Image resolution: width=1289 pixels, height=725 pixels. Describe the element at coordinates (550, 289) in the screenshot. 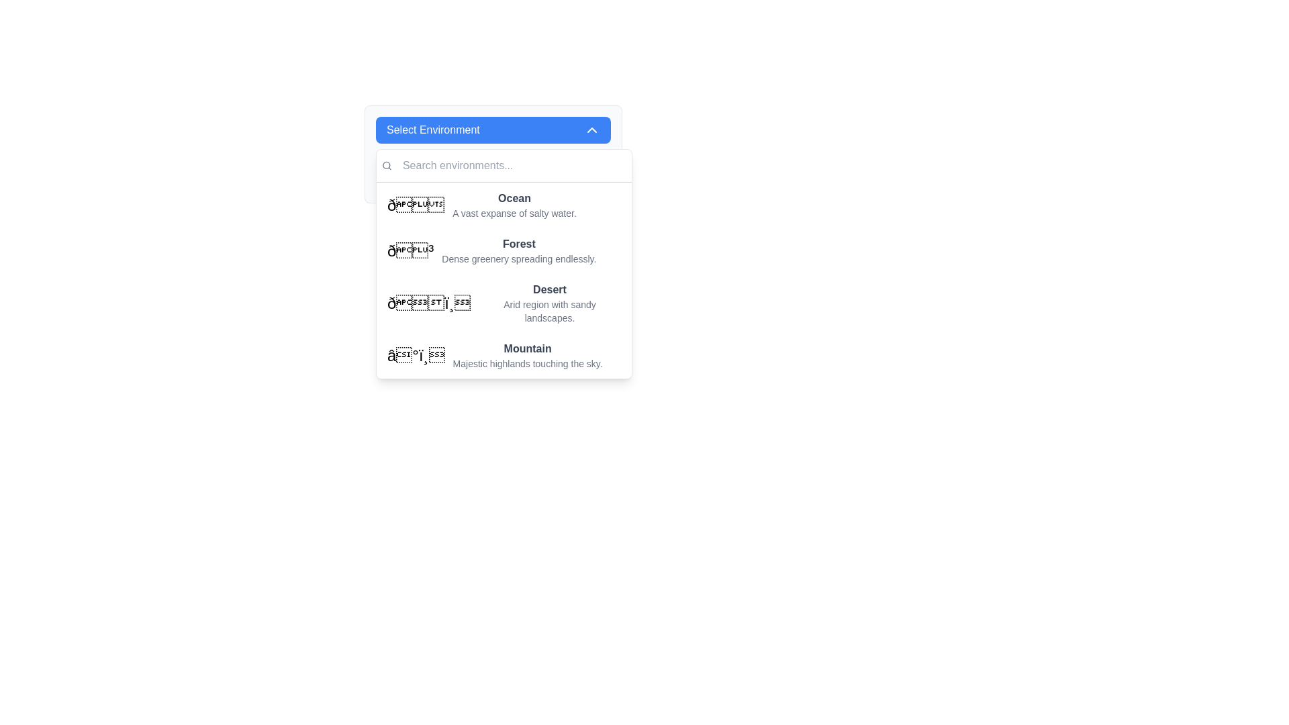

I see `the 'Desert' text label, which is a bold, dark-gray header in the selection menu below 'Select Environment'` at that location.